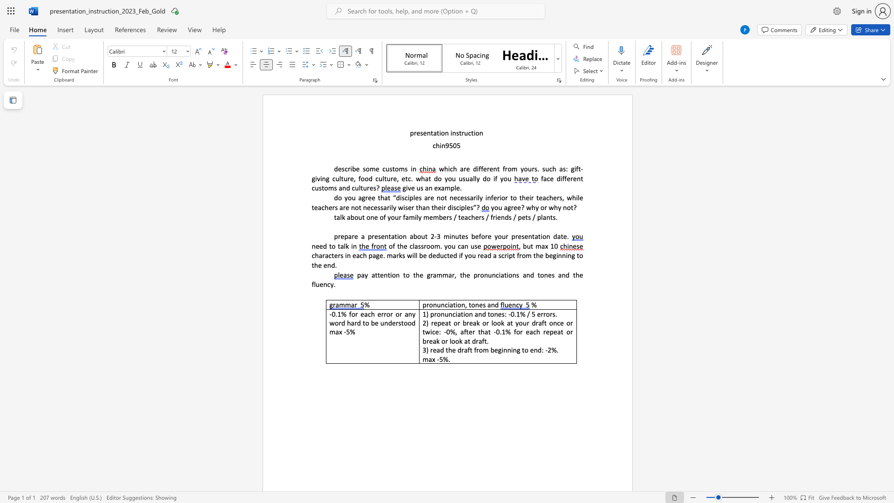  Describe the element at coordinates (428, 305) in the screenshot. I see `the subset text "onuncia" within the text "pronunciation,"` at that location.